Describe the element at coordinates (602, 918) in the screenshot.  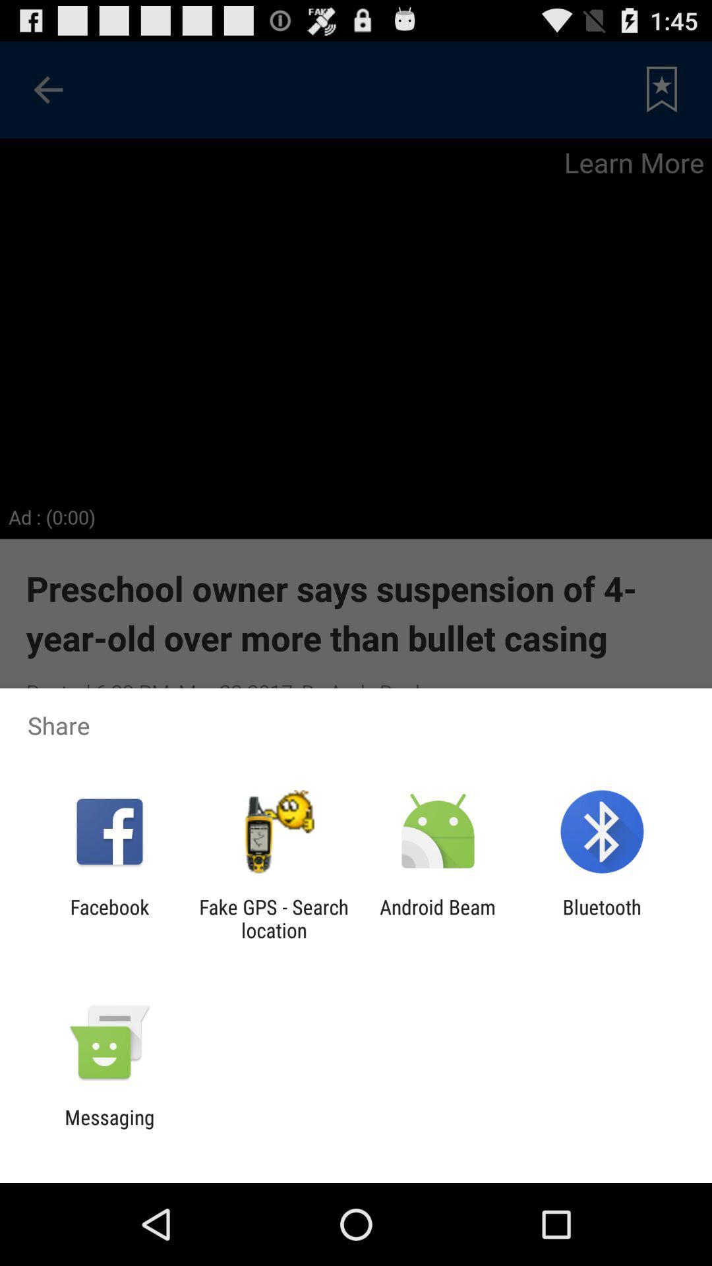
I see `the item at the bottom right corner` at that location.